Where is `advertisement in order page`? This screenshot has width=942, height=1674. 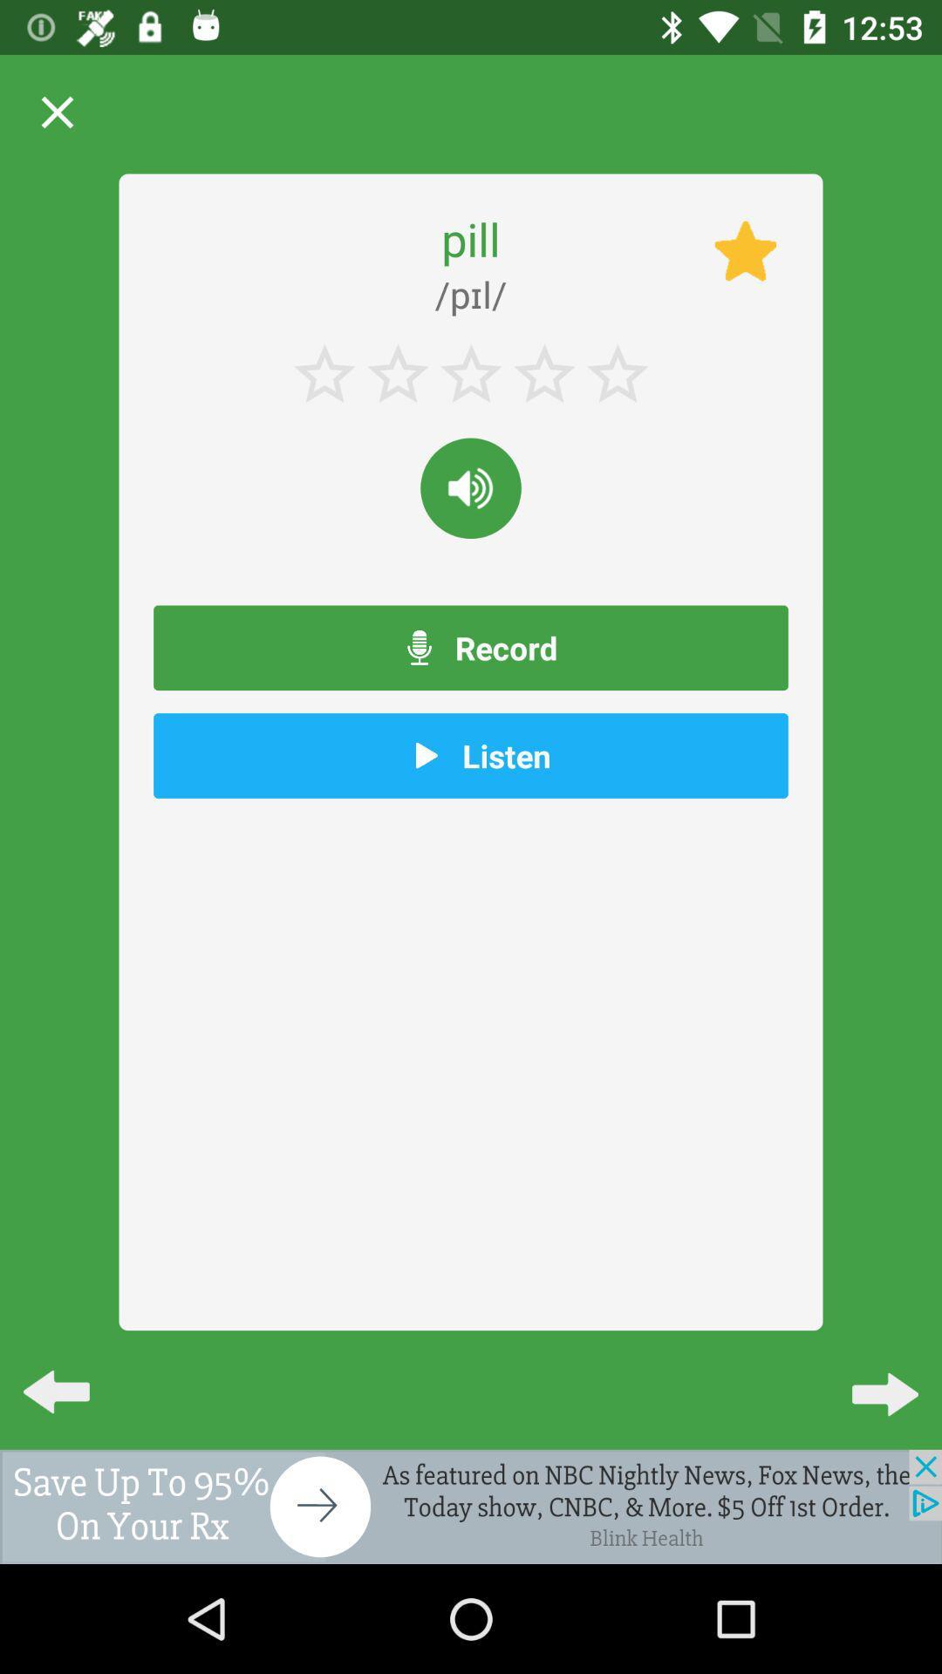
advertisement in order page is located at coordinates (471, 1506).